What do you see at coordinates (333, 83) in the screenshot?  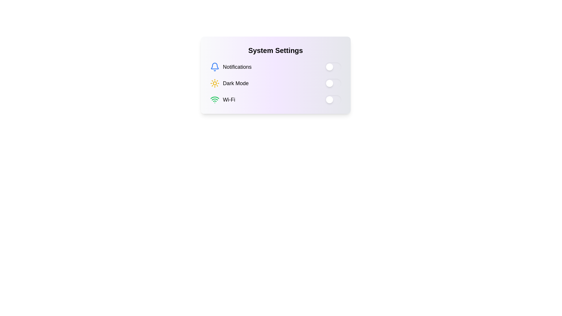 I see `the toggle switch located in the right section of the 'Dark Mode' row in the 'System Settings' panel` at bounding box center [333, 83].